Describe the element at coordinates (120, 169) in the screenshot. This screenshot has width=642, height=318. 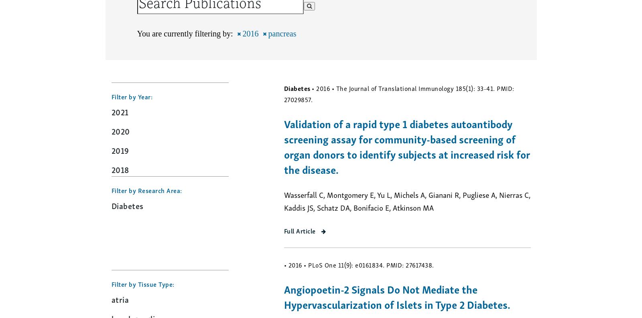
I see `'2018'` at that location.